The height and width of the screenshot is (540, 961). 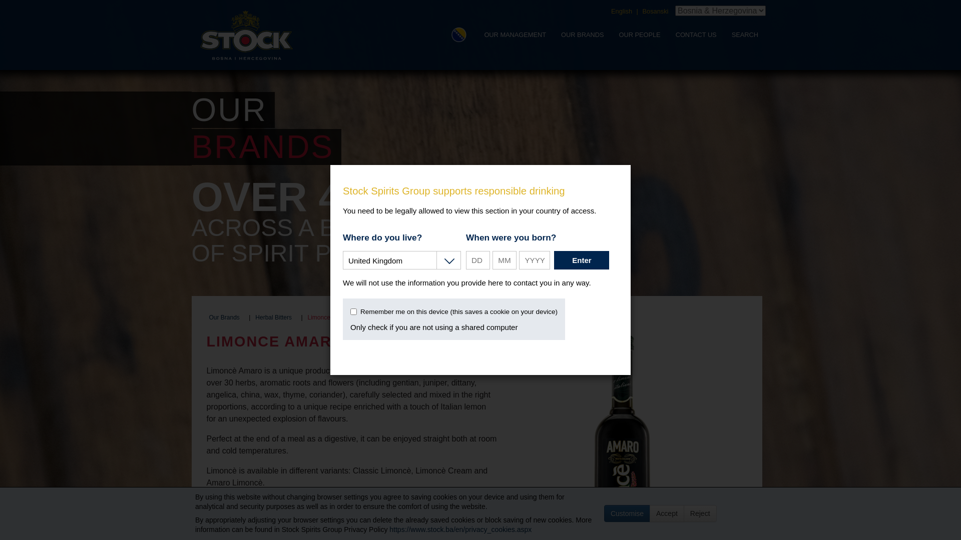 What do you see at coordinates (273, 317) in the screenshot?
I see `'Herbal Bitters'` at bounding box center [273, 317].